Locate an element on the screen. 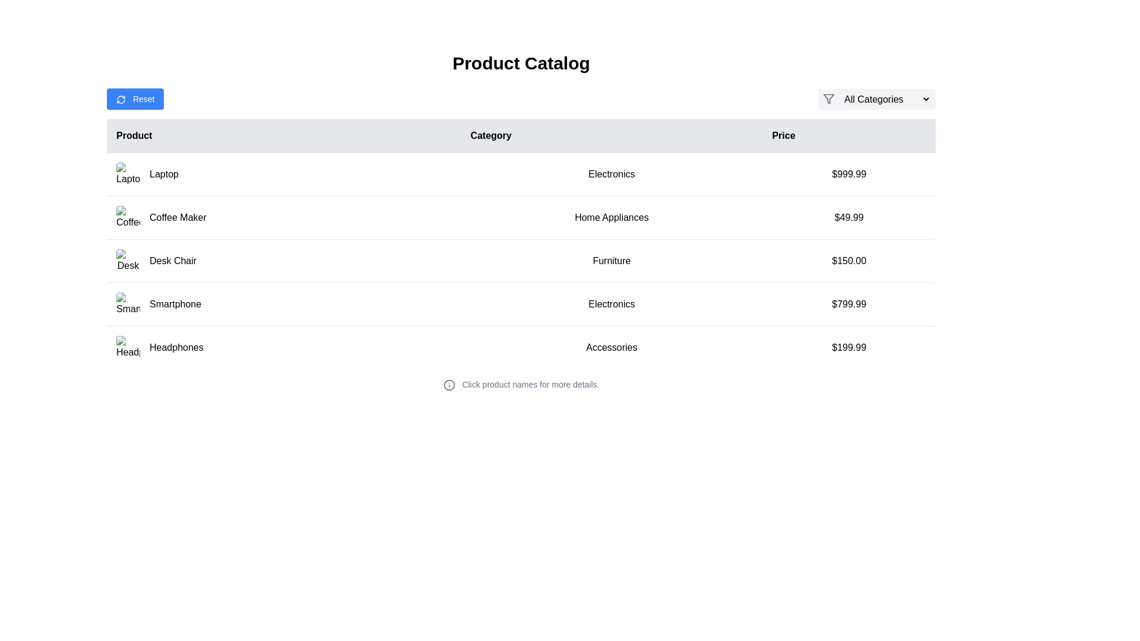  the static image thumbnail representing the Coffee Maker product, which is located in the second row of the product list, to the left of the product name 'Coffee Maker' is located at coordinates (128, 217).